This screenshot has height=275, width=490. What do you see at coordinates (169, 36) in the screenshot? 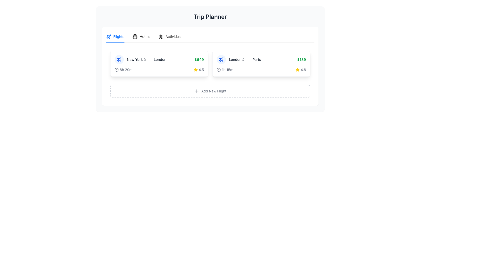
I see `the third navigation tab to switch to the 'Activities' section` at bounding box center [169, 36].